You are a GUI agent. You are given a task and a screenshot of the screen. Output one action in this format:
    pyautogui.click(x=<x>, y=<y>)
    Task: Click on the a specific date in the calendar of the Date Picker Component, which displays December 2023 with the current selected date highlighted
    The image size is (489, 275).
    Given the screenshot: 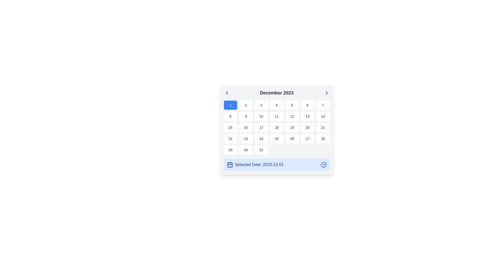 What is the action you would take?
    pyautogui.click(x=276, y=130)
    